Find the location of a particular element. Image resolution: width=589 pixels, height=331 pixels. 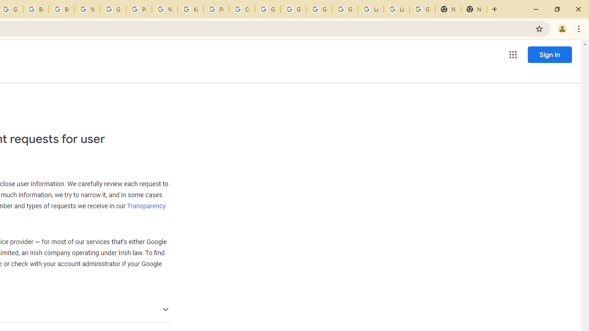

'New Tab' is located at coordinates (448, 9).